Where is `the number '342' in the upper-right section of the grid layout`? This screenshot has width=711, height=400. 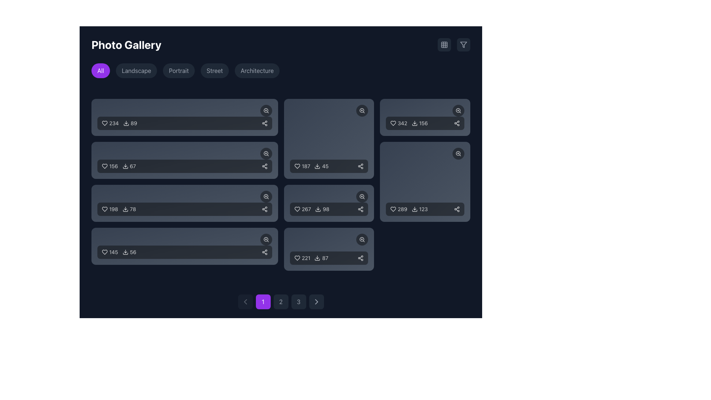 the number '342' in the upper-right section of the grid layout is located at coordinates (408, 123).